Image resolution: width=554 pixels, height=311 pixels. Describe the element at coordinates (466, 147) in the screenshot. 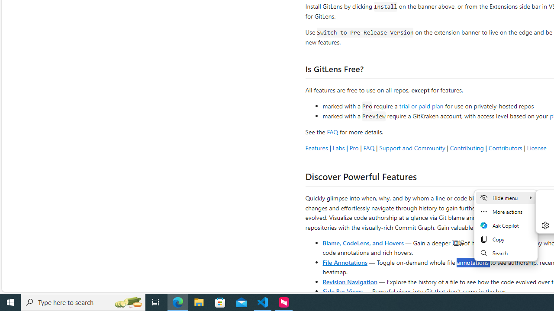

I see `'Contributing'` at that location.